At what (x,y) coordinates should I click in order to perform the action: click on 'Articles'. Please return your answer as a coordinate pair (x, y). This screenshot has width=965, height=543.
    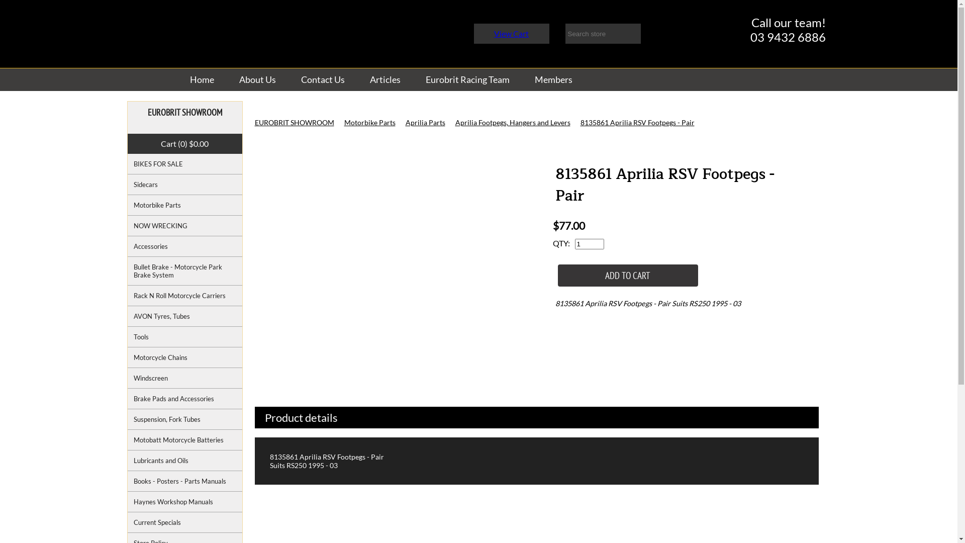
    Looking at the image, I should click on (384, 79).